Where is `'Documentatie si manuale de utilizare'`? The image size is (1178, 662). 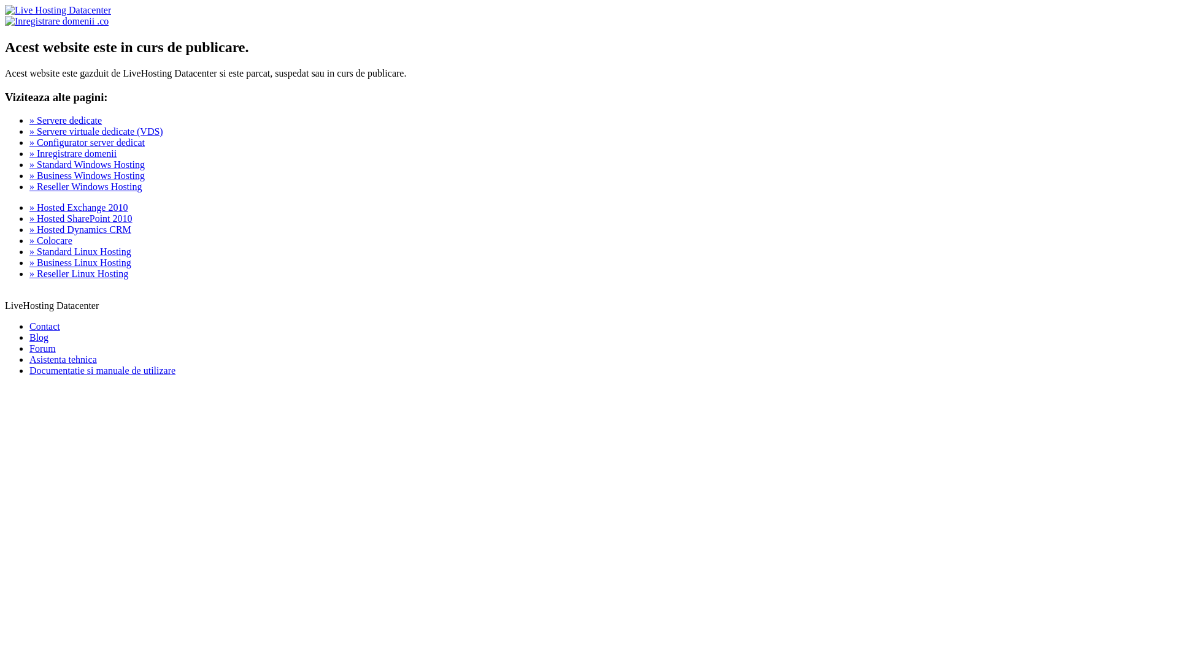 'Documentatie si manuale de utilizare' is located at coordinates (29, 370).